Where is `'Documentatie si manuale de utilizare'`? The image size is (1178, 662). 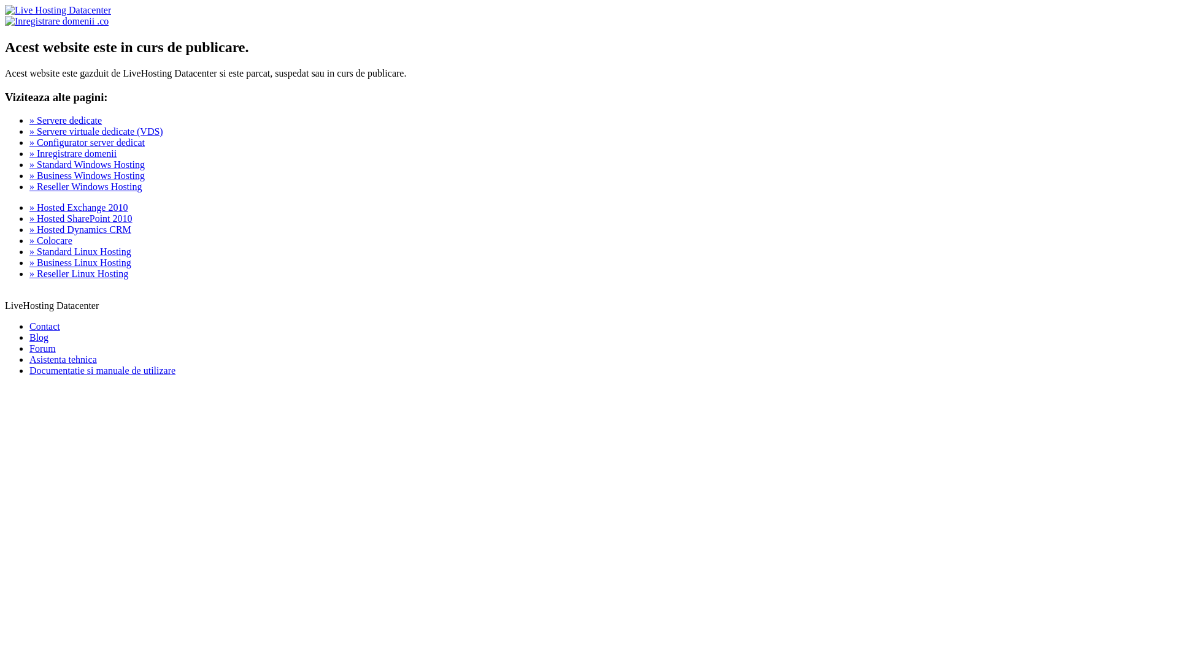 'Documentatie si manuale de utilizare' is located at coordinates (29, 370).